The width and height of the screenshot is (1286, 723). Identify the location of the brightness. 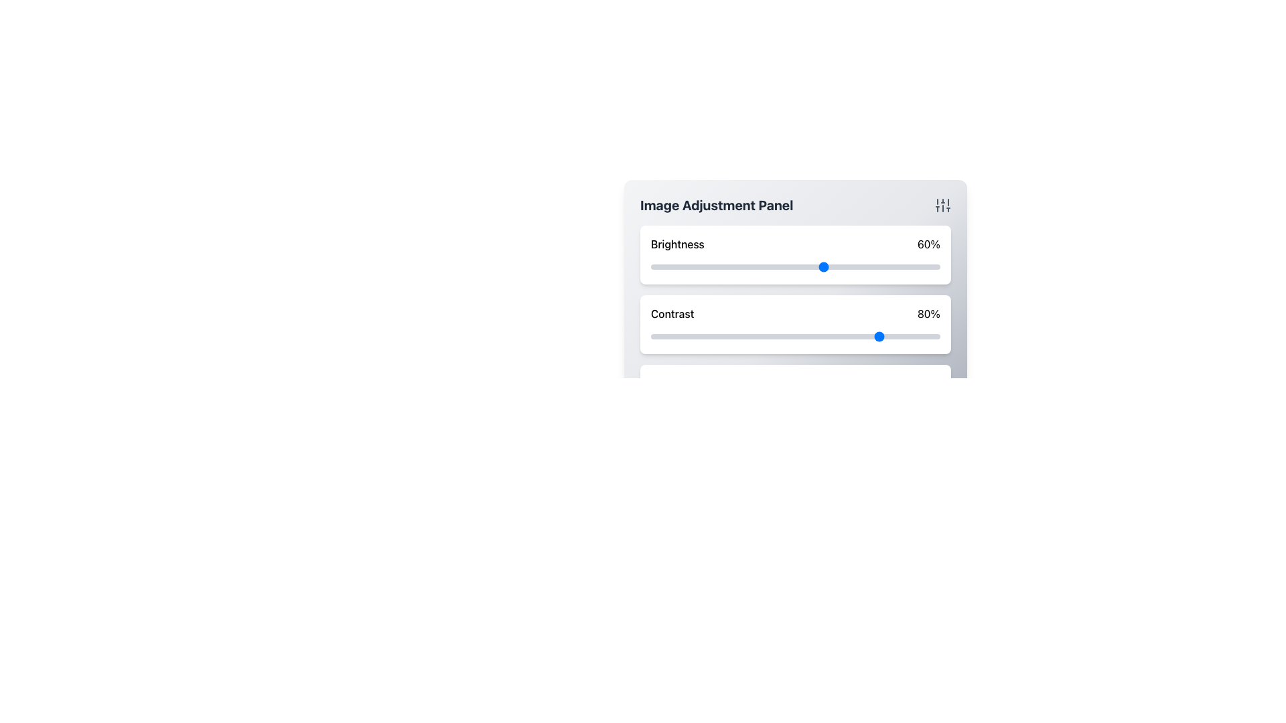
(659, 266).